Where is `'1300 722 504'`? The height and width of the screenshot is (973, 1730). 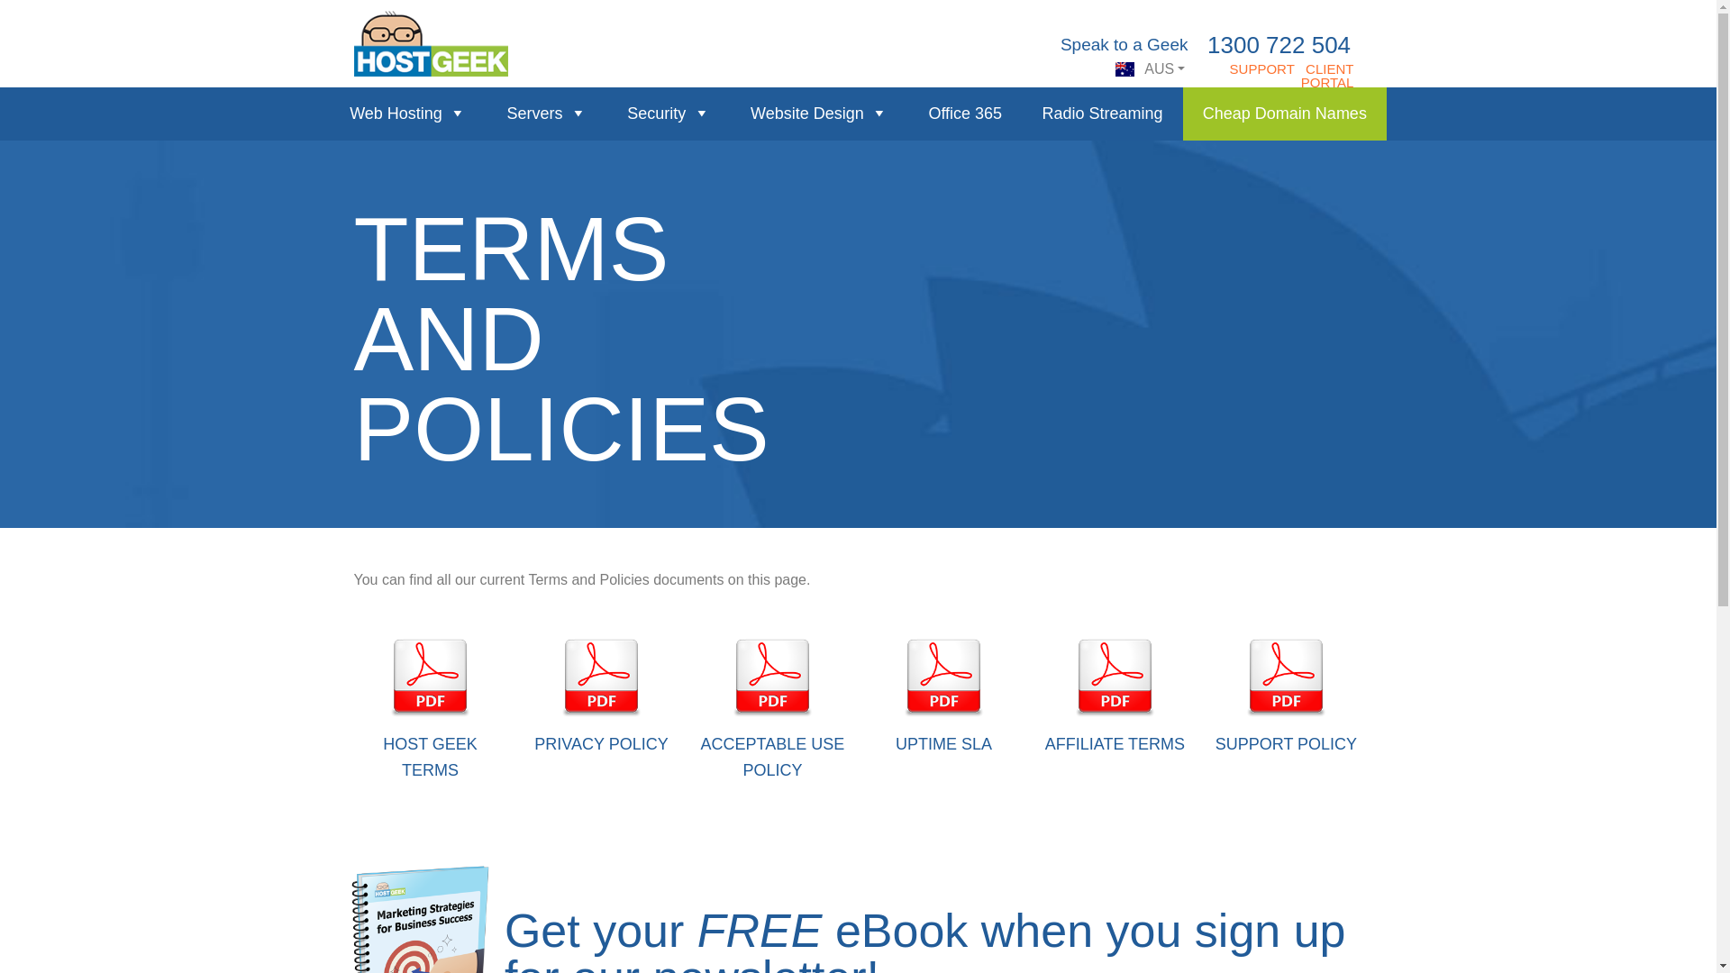
'1300 722 504' is located at coordinates (1278, 44).